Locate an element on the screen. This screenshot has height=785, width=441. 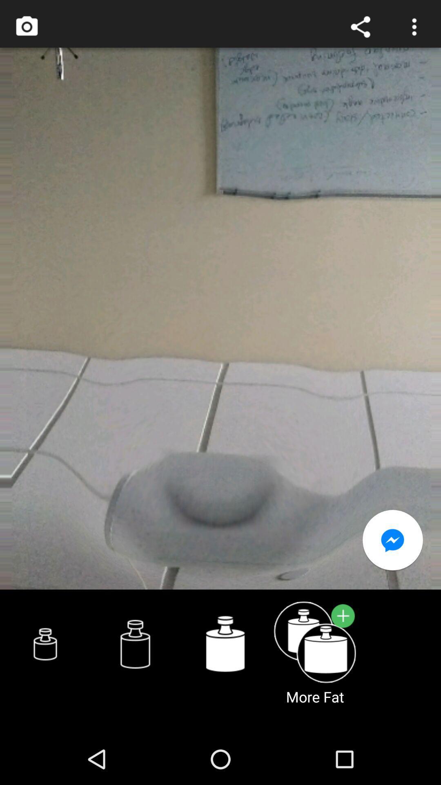
the photo icon is located at coordinates (26, 29).